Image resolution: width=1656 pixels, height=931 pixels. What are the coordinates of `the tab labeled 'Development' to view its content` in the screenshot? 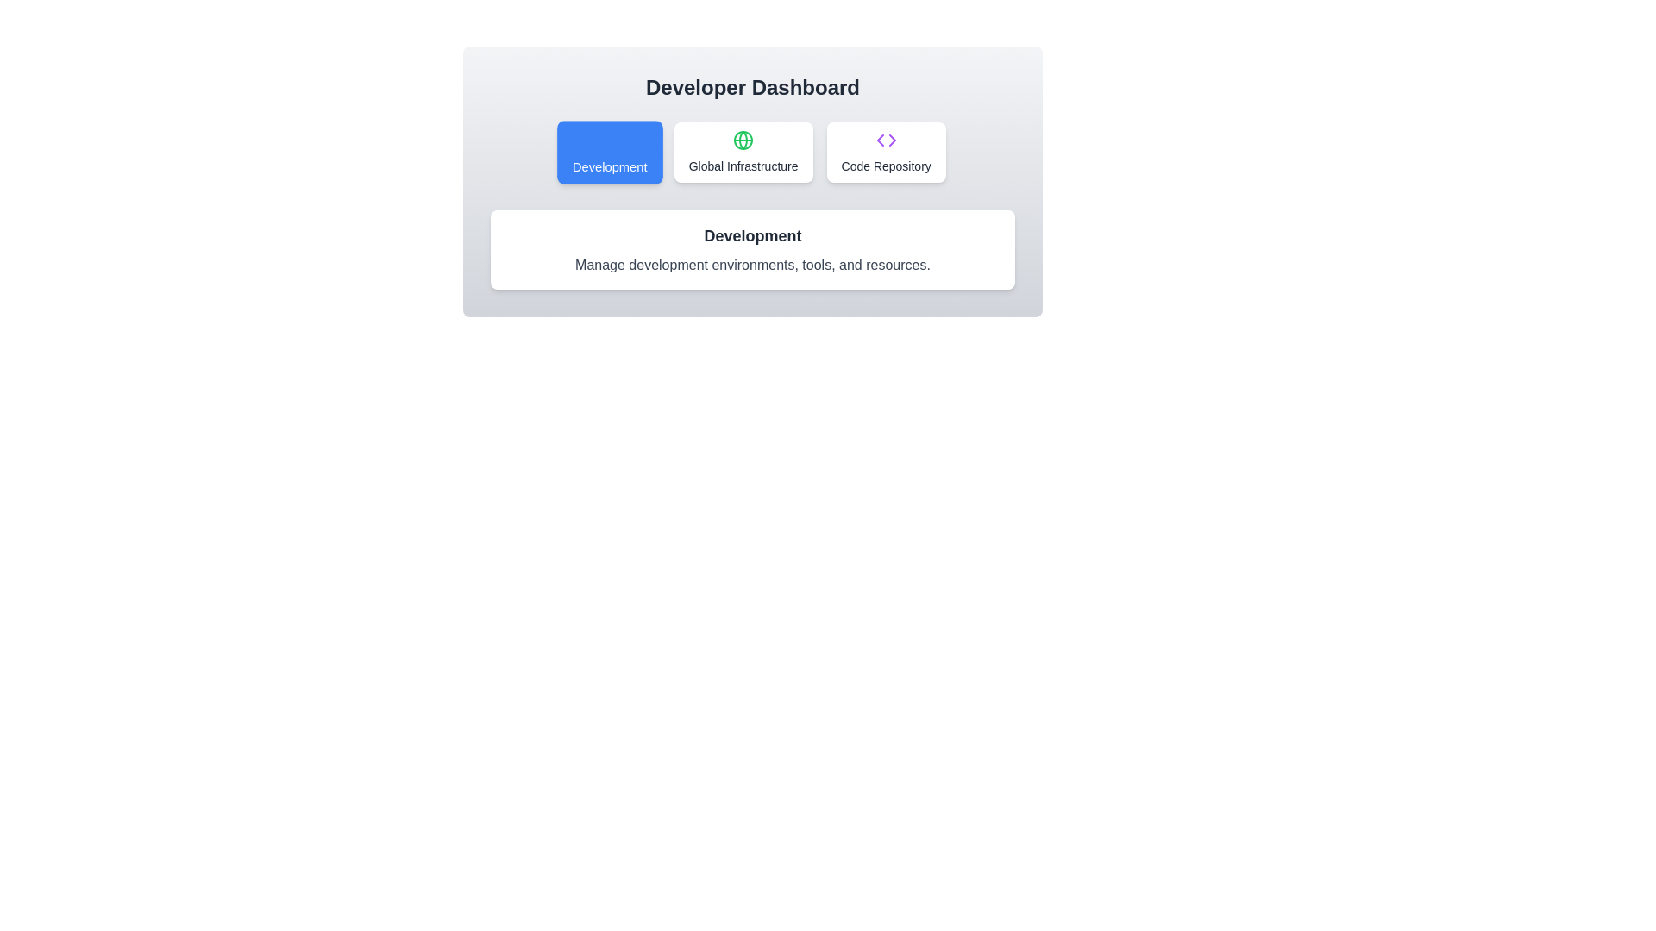 It's located at (610, 152).